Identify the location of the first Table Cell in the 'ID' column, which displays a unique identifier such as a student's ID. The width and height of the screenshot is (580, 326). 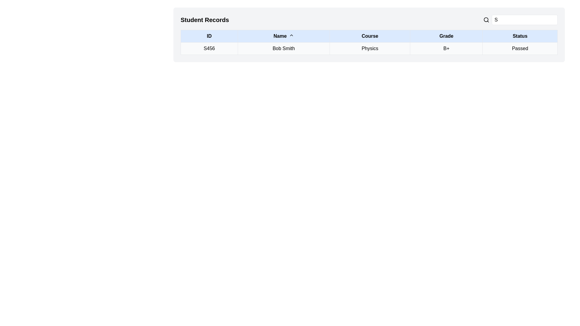
(209, 48).